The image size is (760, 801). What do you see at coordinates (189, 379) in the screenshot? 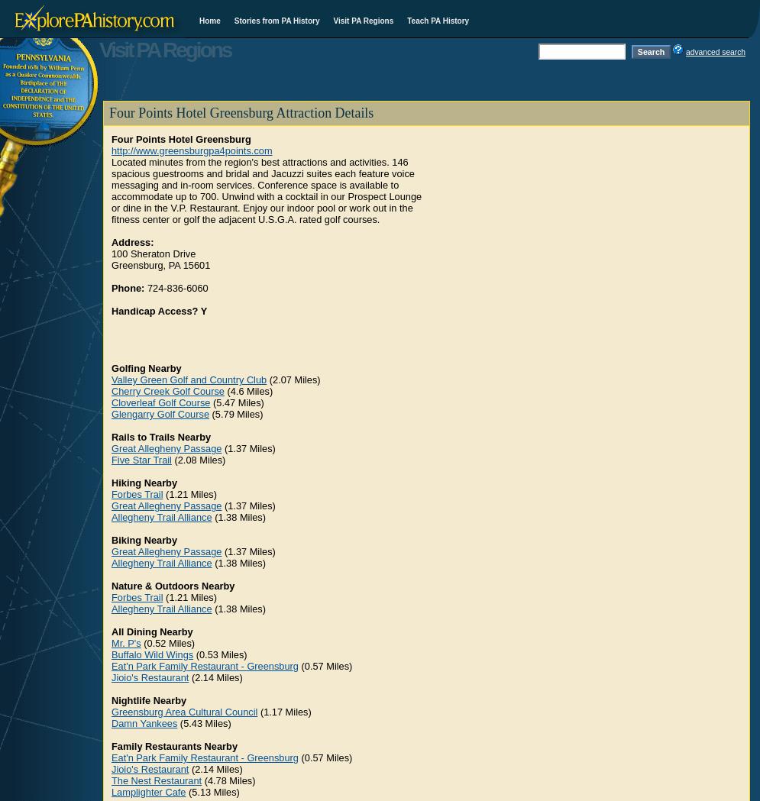
I see `'Valley Green Golf and Country Club'` at bounding box center [189, 379].